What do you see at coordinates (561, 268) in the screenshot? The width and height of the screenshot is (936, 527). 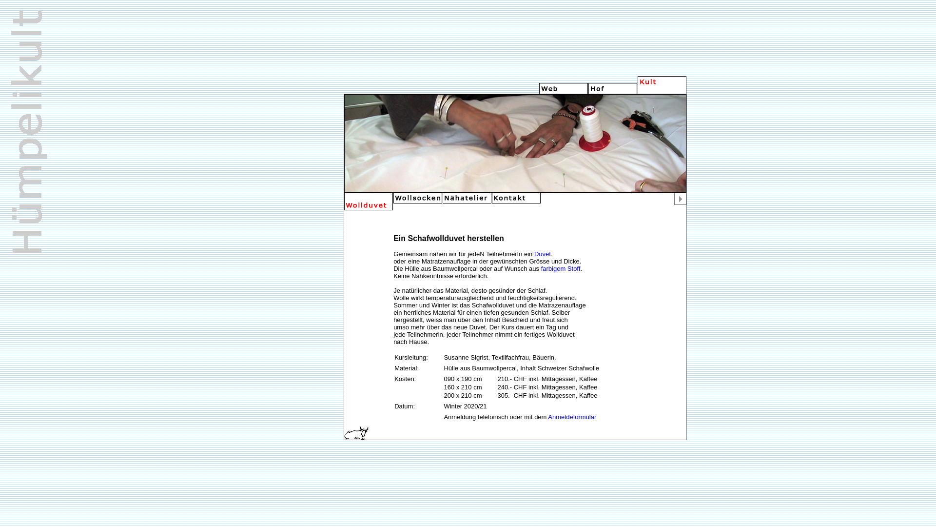 I see `'farbigem Stoff'` at bounding box center [561, 268].